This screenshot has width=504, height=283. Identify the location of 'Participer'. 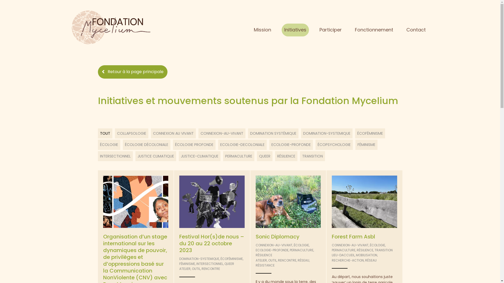
(330, 30).